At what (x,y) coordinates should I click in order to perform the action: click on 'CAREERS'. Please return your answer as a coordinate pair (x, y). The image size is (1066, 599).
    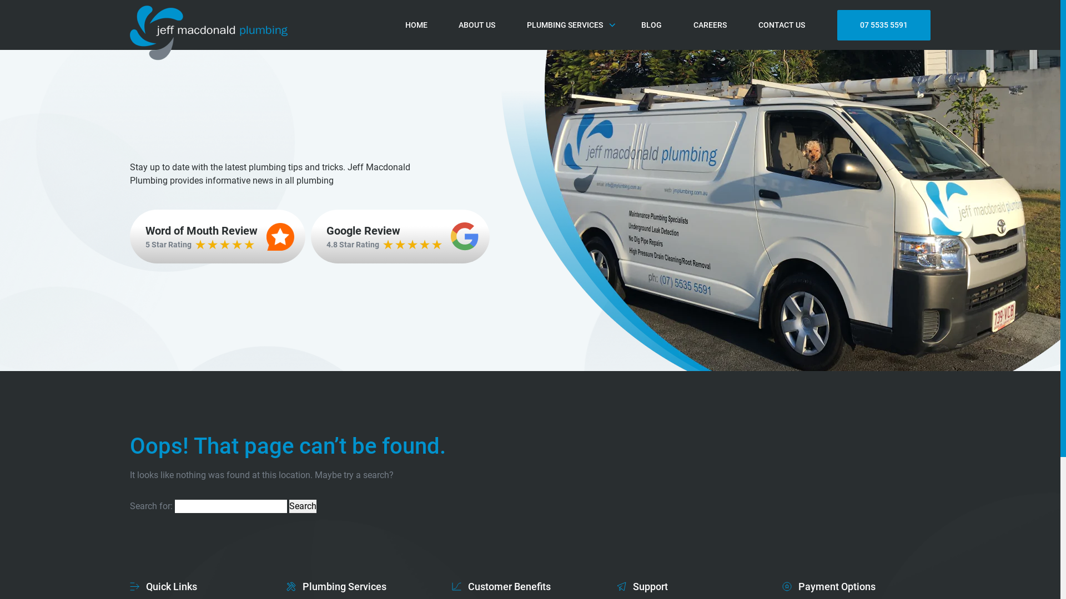
    Looking at the image, I should click on (709, 25).